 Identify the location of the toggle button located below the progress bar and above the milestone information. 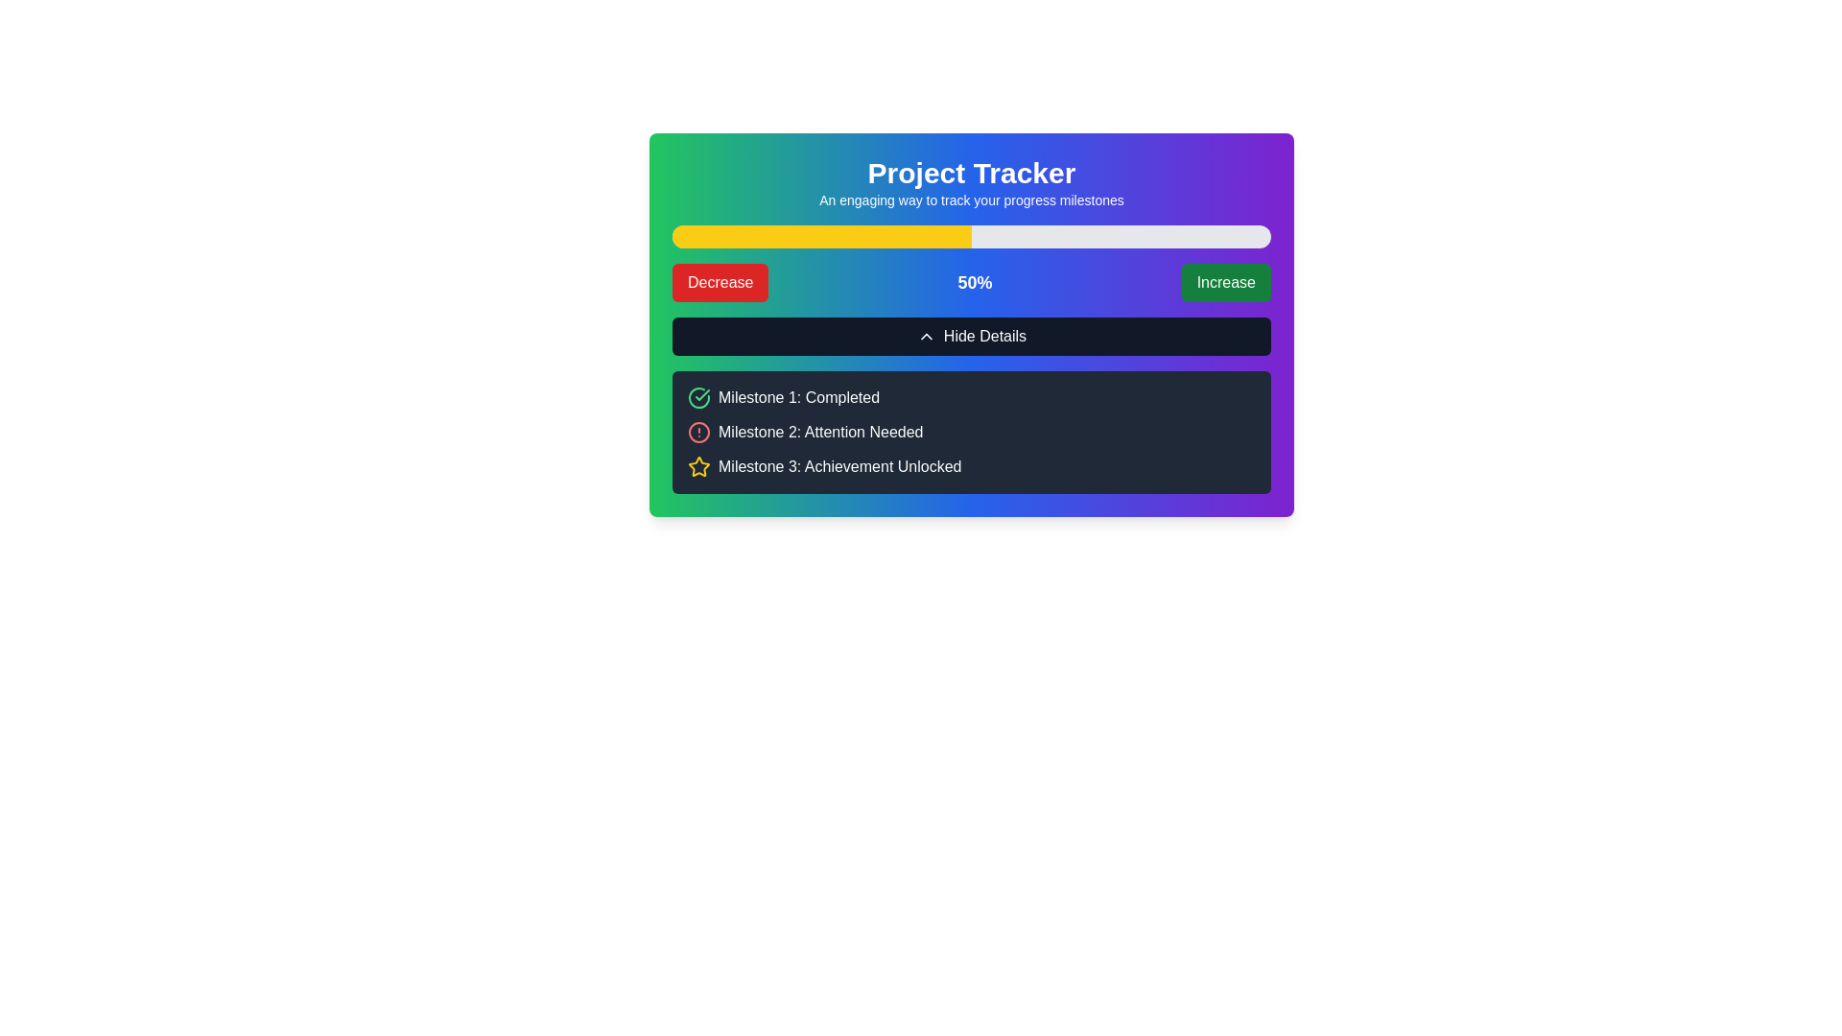
(971, 336).